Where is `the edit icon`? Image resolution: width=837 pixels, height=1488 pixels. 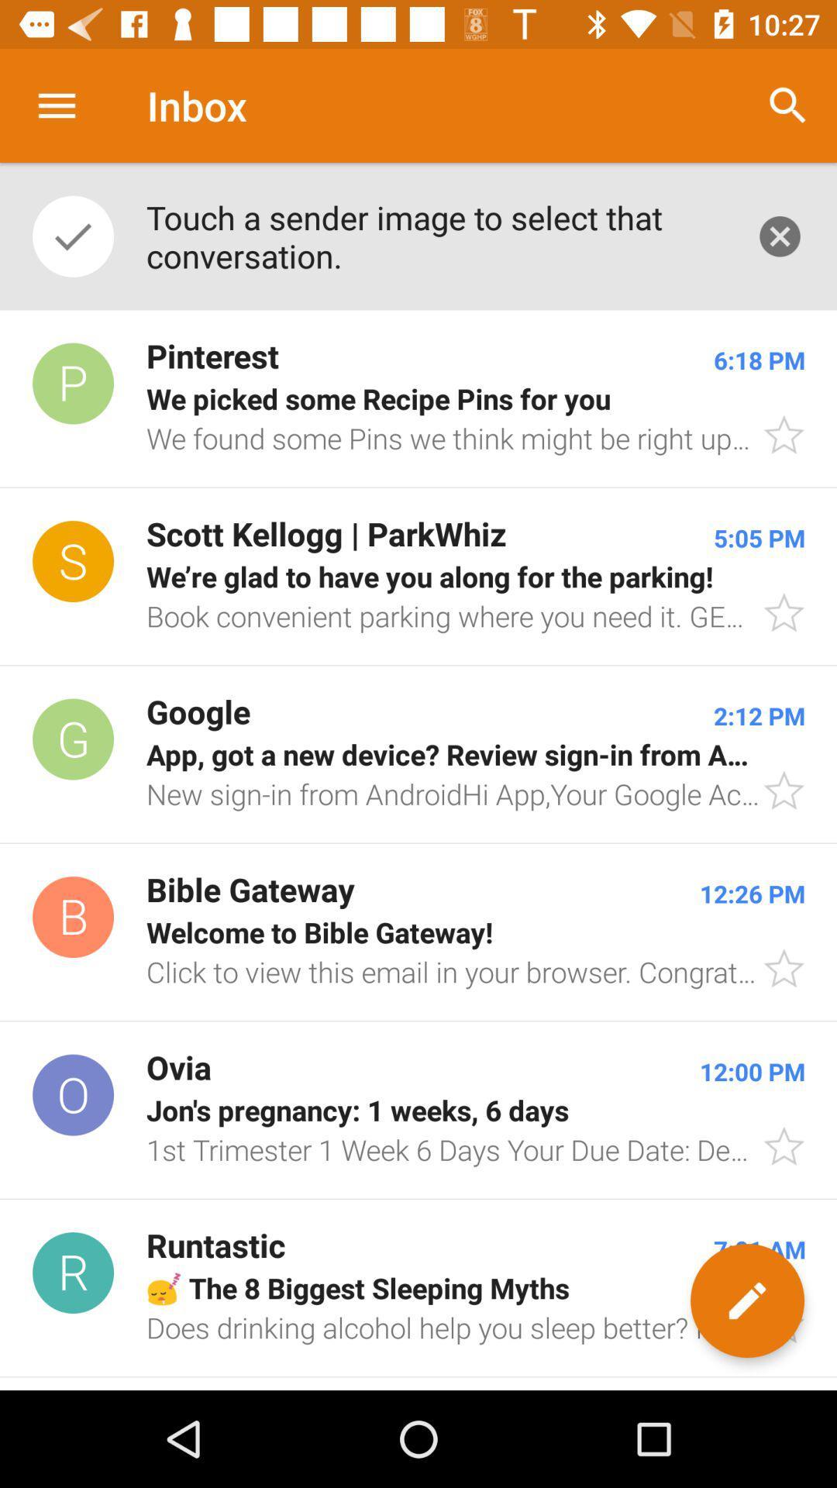 the edit icon is located at coordinates (746, 1300).